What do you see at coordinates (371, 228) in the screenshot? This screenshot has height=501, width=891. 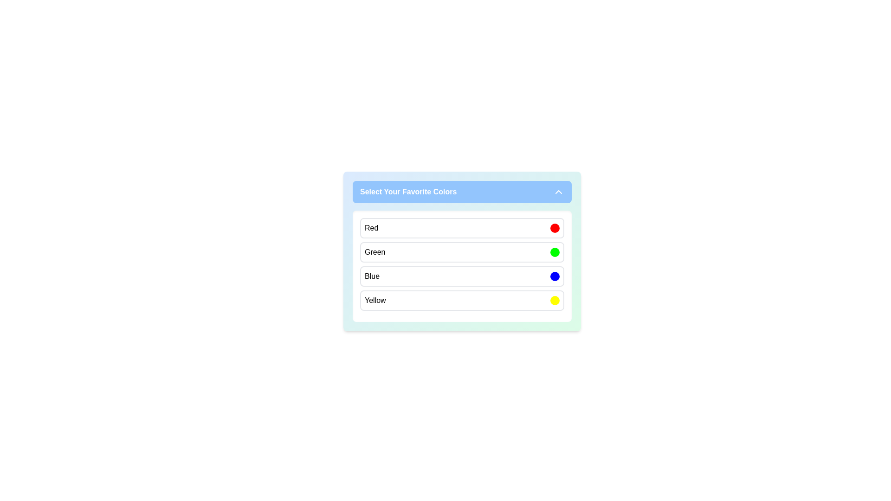 I see `the informational Text label indicating the color 'Red' in the 'Select Your Favorite Colors' list` at bounding box center [371, 228].